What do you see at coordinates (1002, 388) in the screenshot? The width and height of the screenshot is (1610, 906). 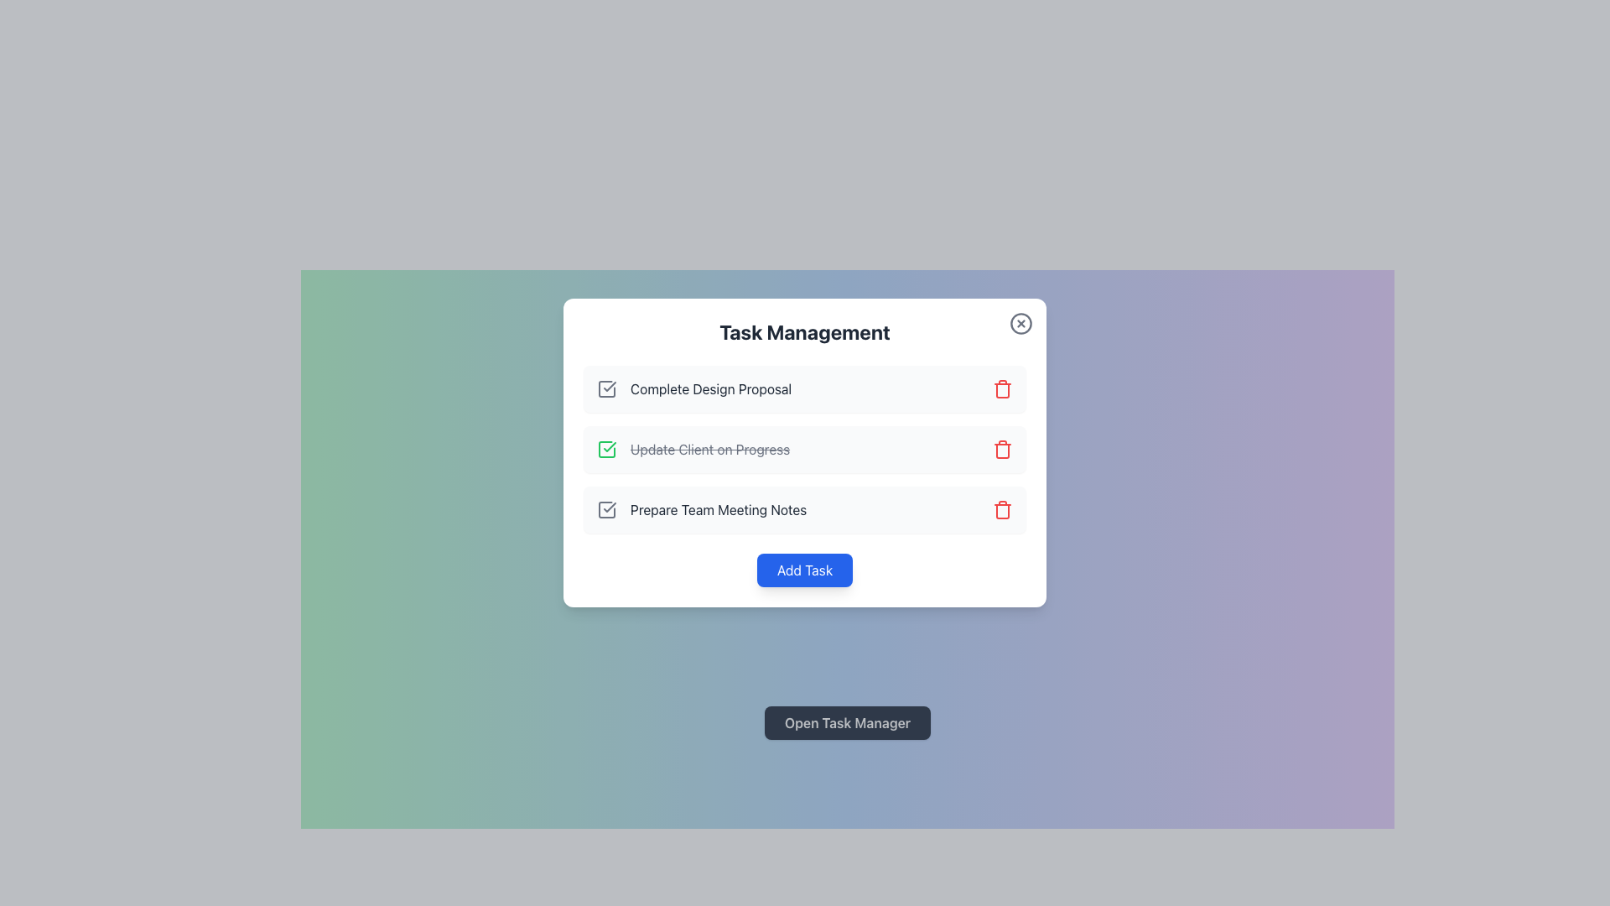 I see `the trash/deletion icon button located at the far right of the 'Complete Design Proposal' row` at bounding box center [1002, 388].